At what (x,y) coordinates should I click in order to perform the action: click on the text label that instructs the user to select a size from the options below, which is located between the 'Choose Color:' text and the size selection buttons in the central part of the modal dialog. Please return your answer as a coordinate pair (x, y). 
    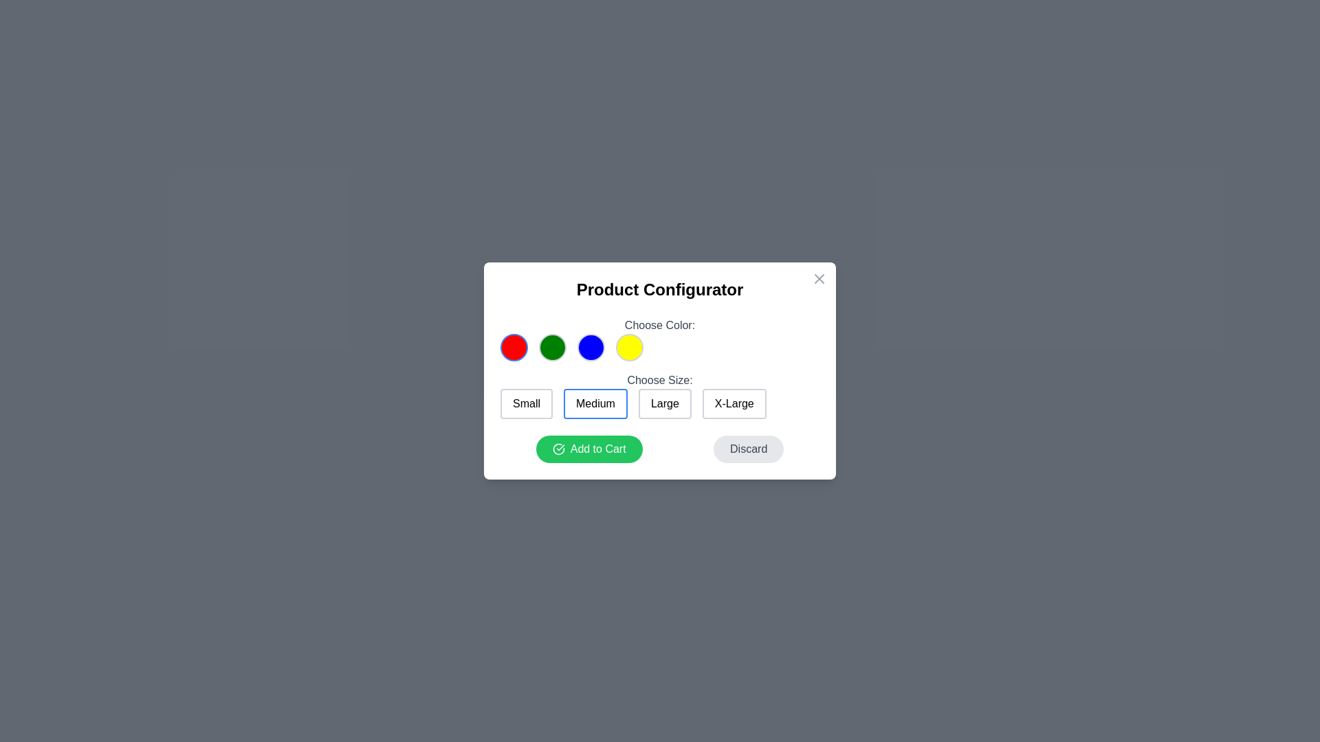
    Looking at the image, I should click on (660, 381).